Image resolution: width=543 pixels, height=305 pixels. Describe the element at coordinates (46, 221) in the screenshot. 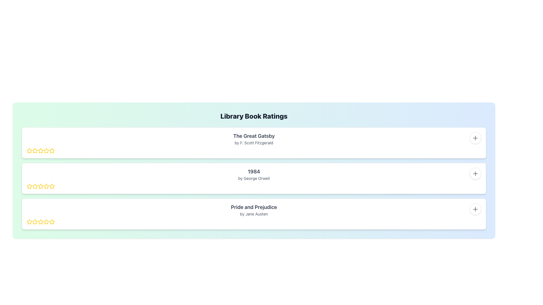

I see `the second yellow star button in the rating system for the book 'Pride and Prejudice' by Jane Austen` at that location.